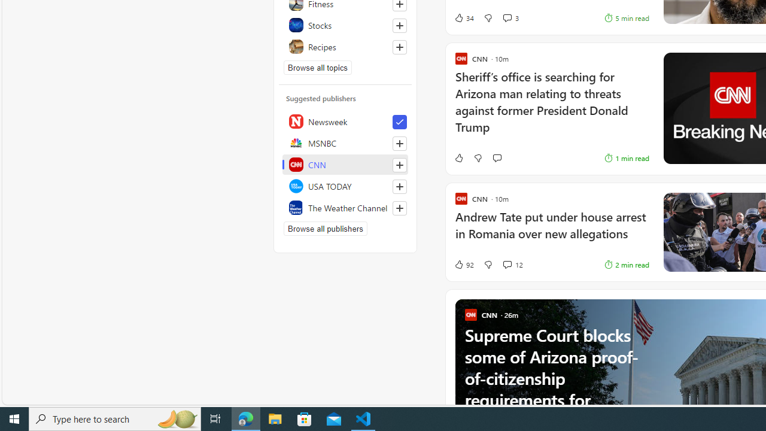 The height and width of the screenshot is (431, 766). I want to click on 'View comments 3 Comment', so click(507, 18).